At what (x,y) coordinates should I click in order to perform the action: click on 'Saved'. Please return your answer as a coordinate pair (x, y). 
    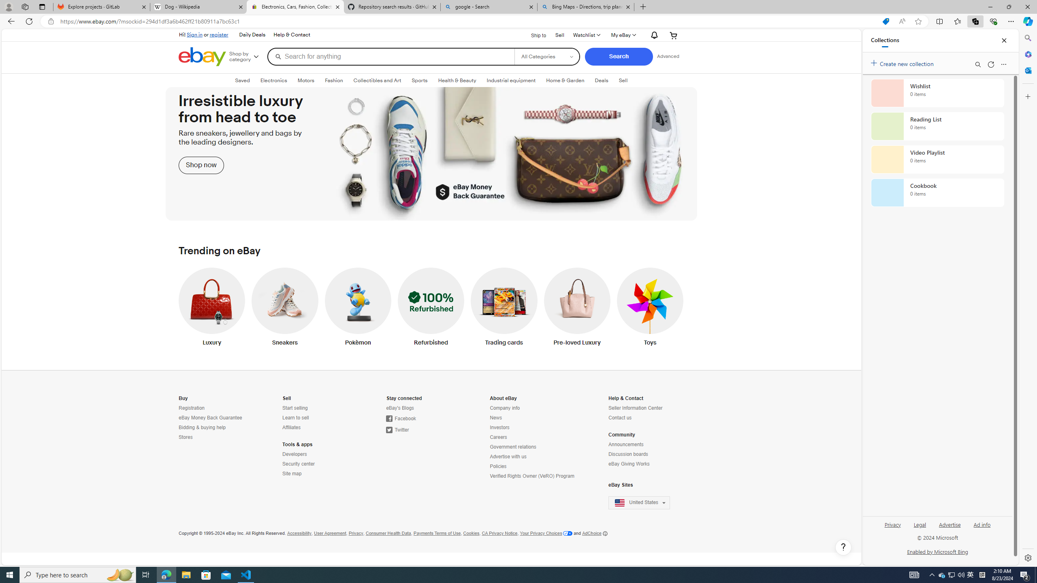
    Looking at the image, I should click on (243, 81).